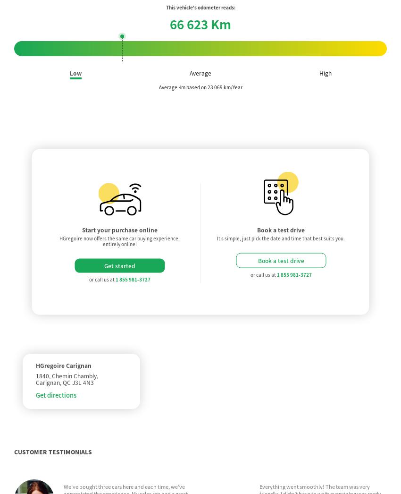 Image resolution: width=401 pixels, height=494 pixels. I want to click on 'Alfa Romeo', so click(104, 446).